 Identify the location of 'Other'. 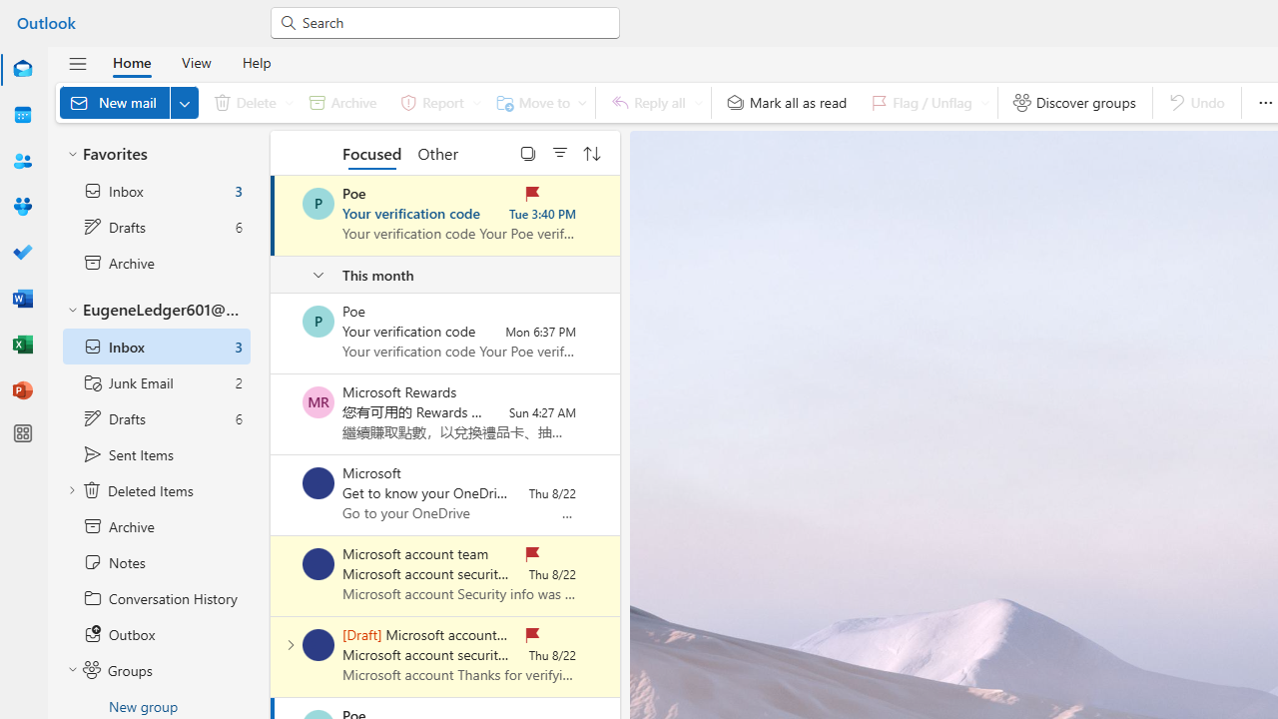
(436, 152).